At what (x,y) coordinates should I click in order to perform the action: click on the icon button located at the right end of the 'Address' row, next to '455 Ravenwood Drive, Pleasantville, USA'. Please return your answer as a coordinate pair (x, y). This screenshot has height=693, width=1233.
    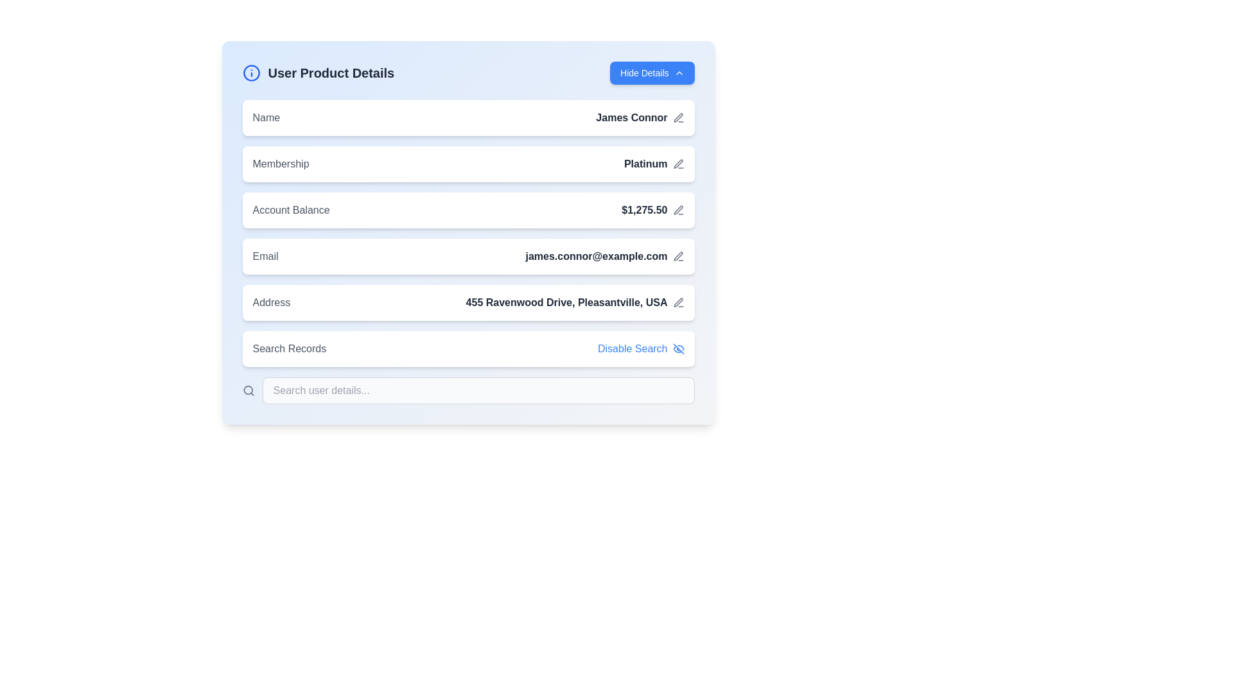
    Looking at the image, I should click on (678, 302).